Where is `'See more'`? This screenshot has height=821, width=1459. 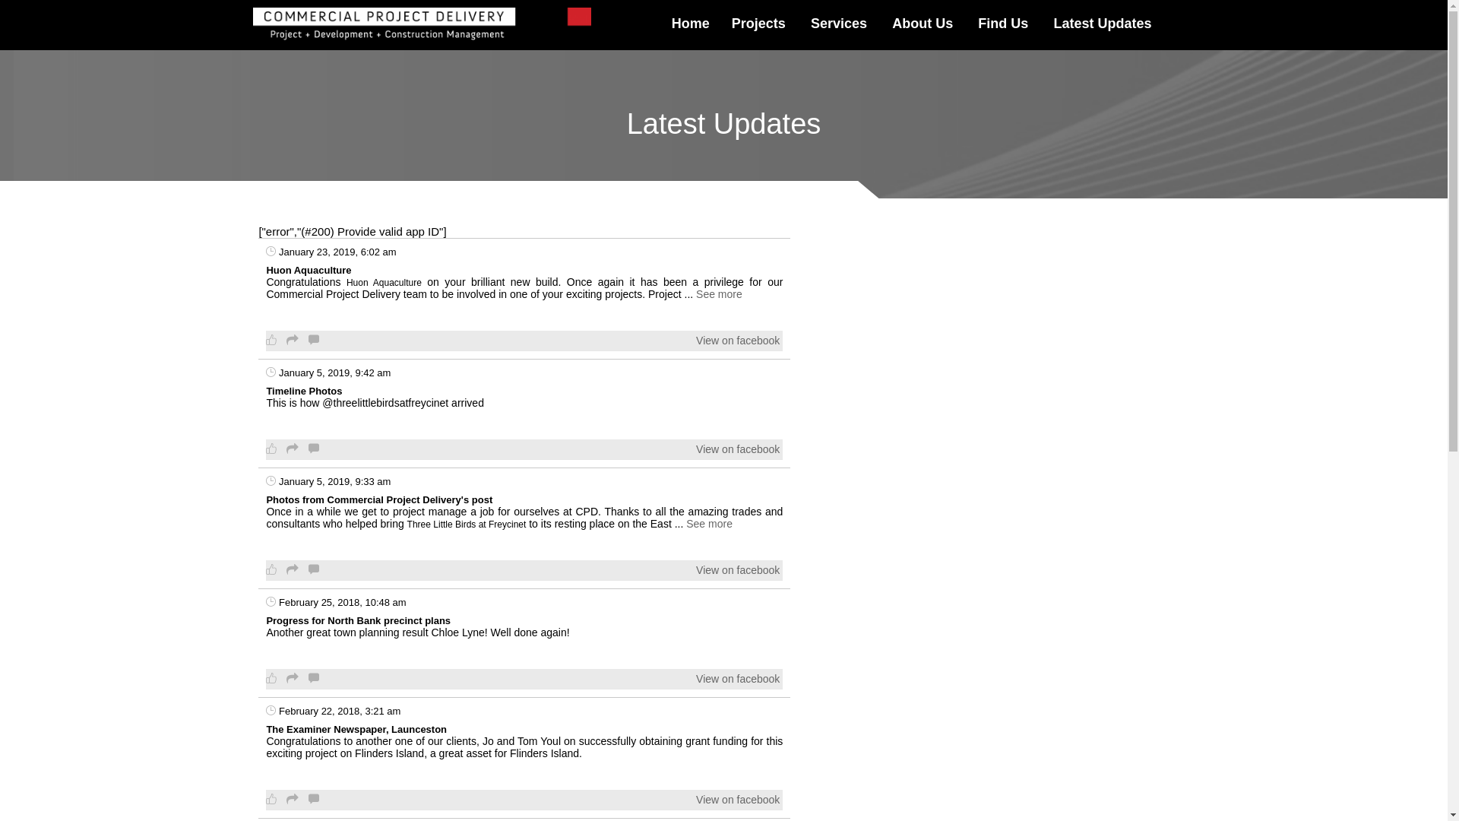 'See more' is located at coordinates (718, 293).